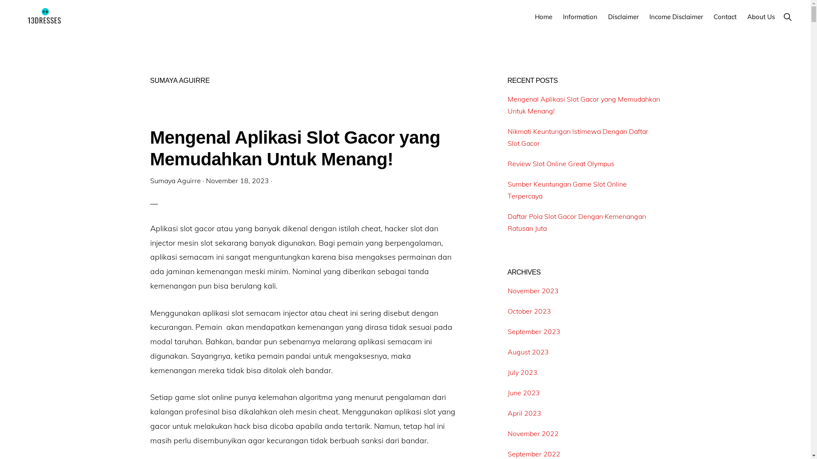 This screenshot has height=459, width=817. Describe the element at coordinates (560, 164) in the screenshot. I see `'Review Slot Online Great Olympus'` at that location.